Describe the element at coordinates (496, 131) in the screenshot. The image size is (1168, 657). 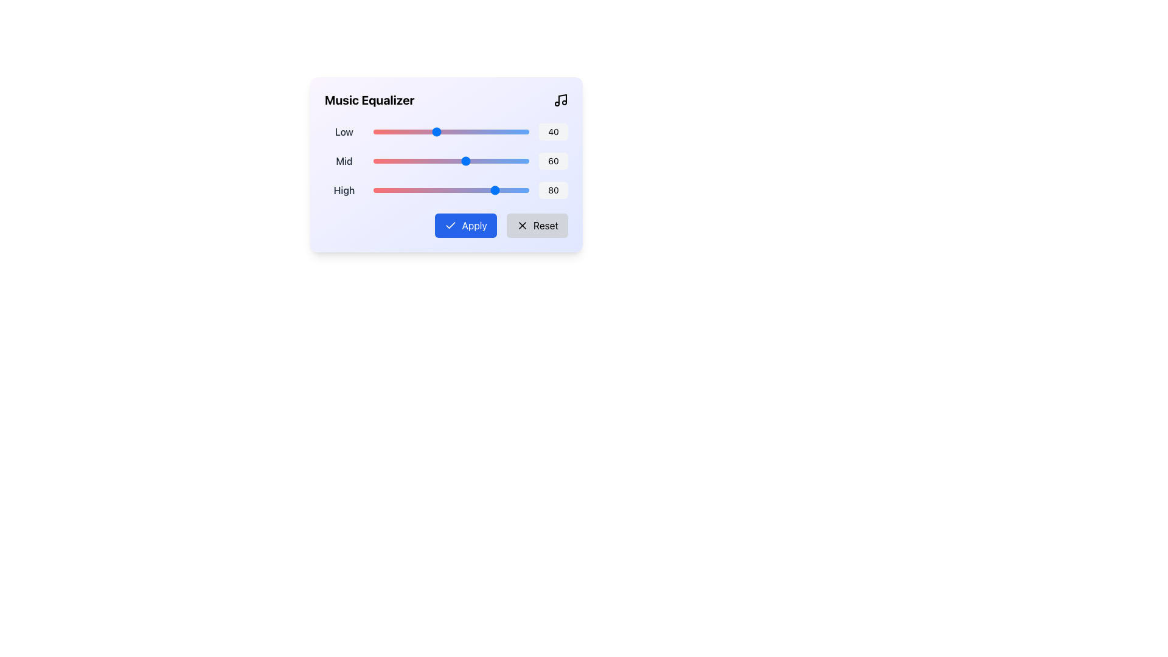
I see `the low equalizer slider` at that location.